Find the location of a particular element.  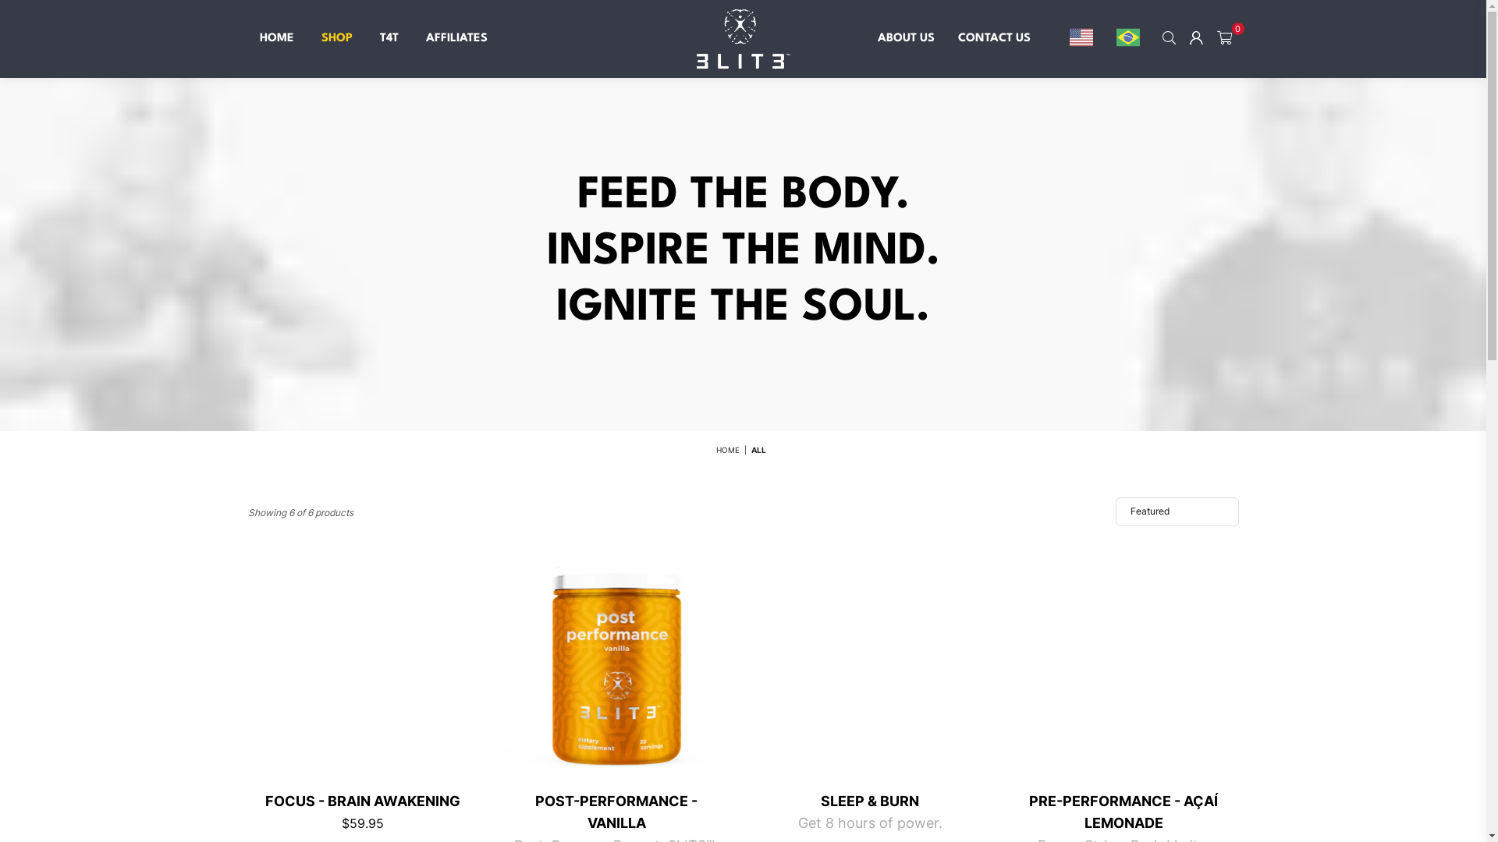

'AFFILIATES' is located at coordinates (455, 38).